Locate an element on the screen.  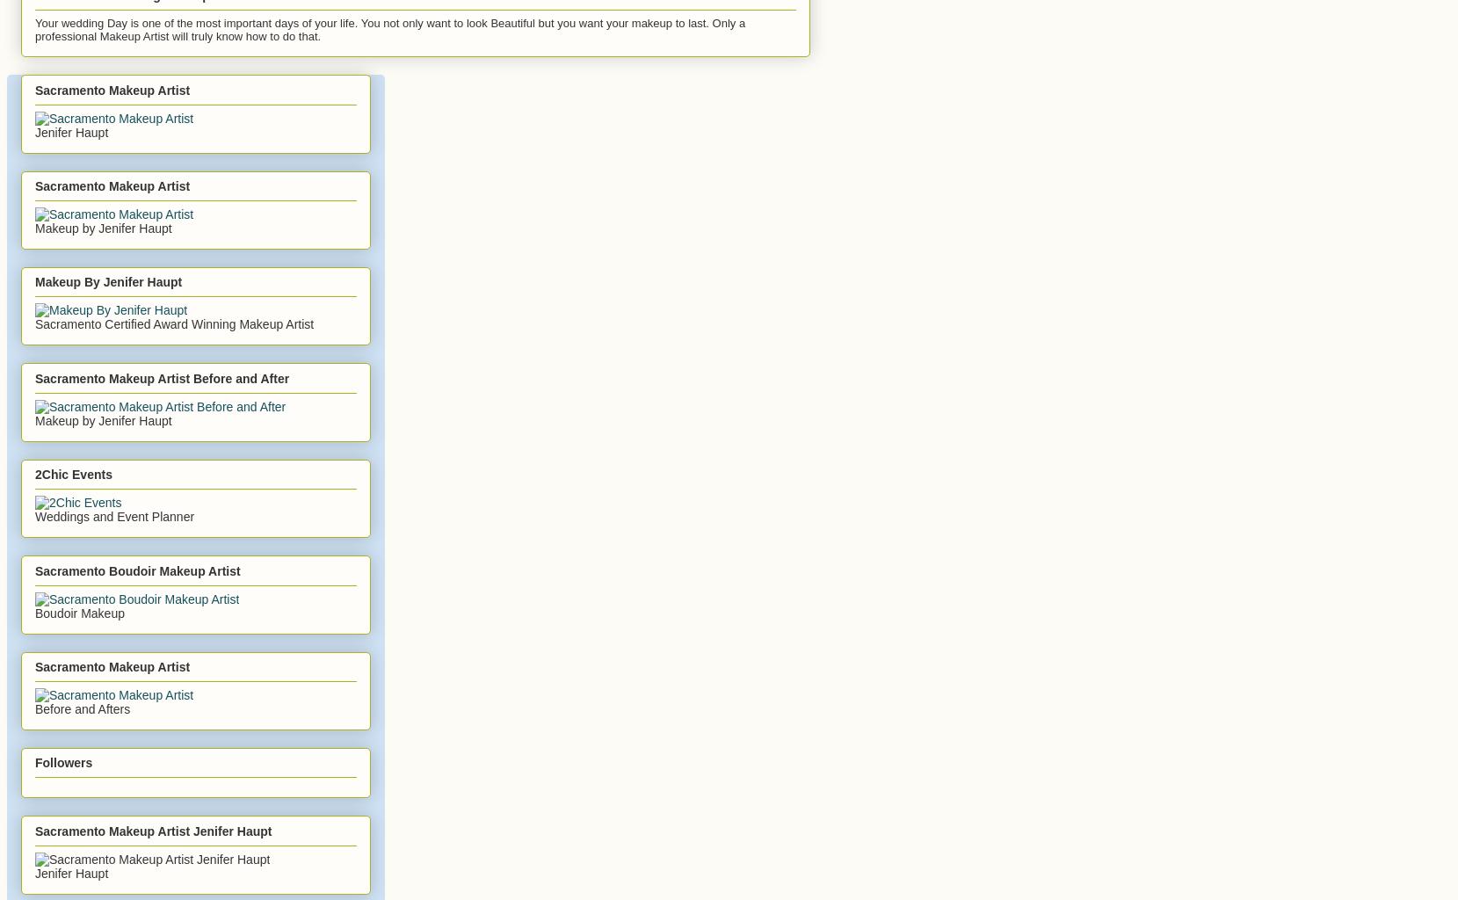
'Followers' is located at coordinates (62, 763).